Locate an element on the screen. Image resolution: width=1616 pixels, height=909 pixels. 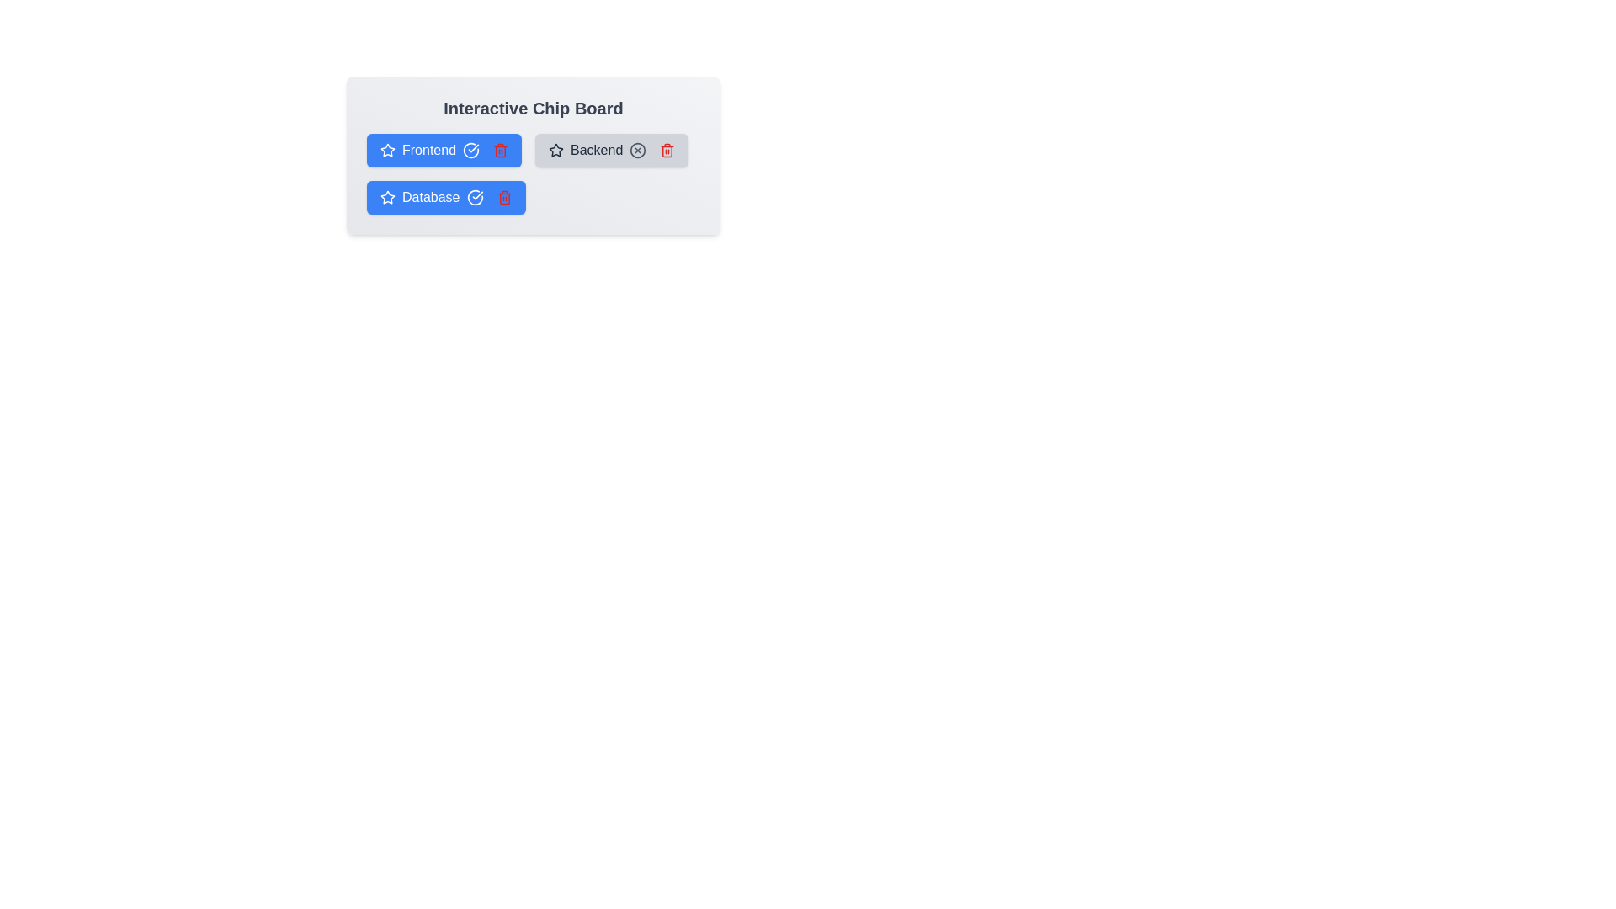
the chip labeled Frontend to toggle its selection state is located at coordinates (444, 149).